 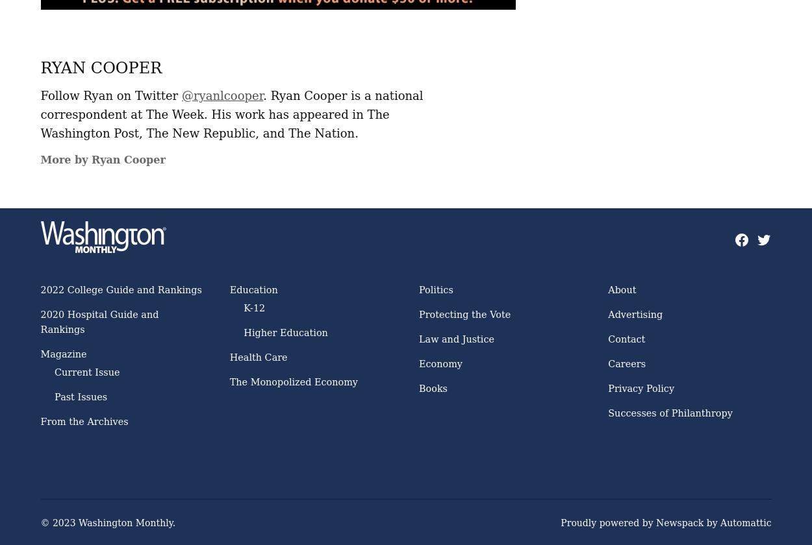 I want to click on 'The Monopolized Economy', so click(x=292, y=382).